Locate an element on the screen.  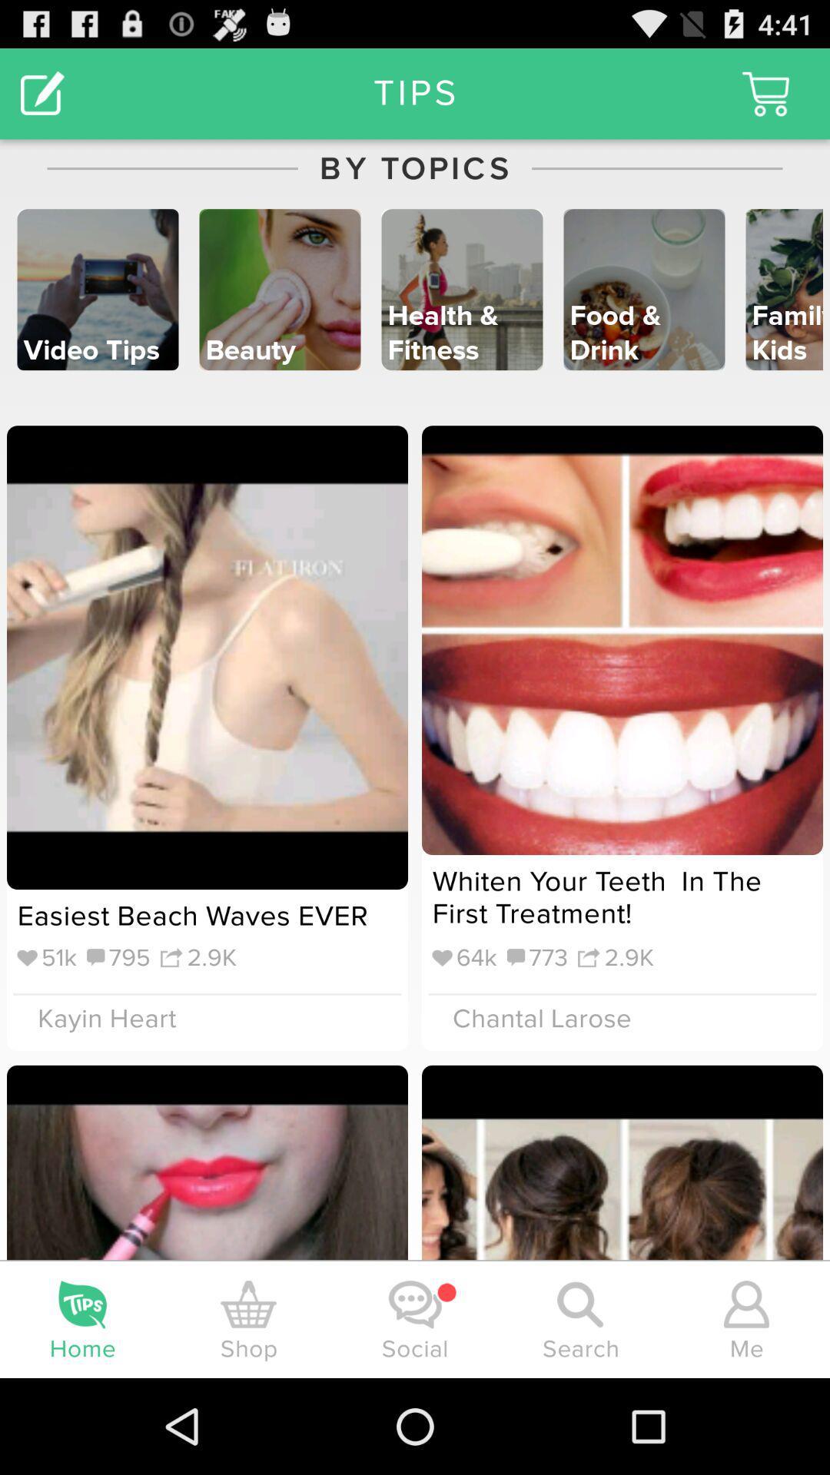
the image under video tips is located at coordinates (207, 657).